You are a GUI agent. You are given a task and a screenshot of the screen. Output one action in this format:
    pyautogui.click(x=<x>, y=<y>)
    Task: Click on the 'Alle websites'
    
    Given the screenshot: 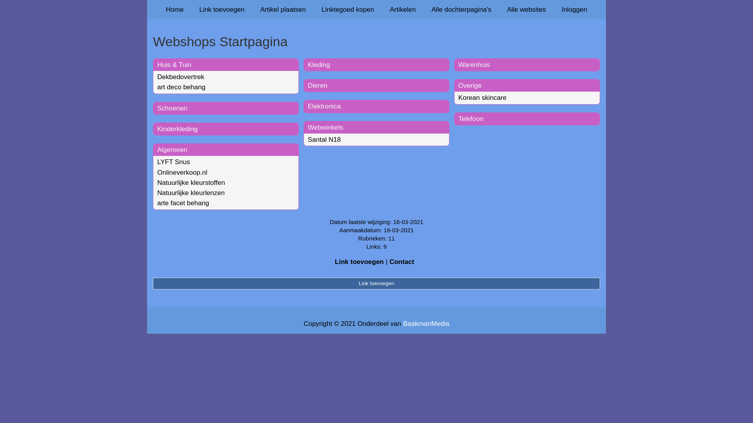 What is the action you would take?
    pyautogui.click(x=498, y=9)
    